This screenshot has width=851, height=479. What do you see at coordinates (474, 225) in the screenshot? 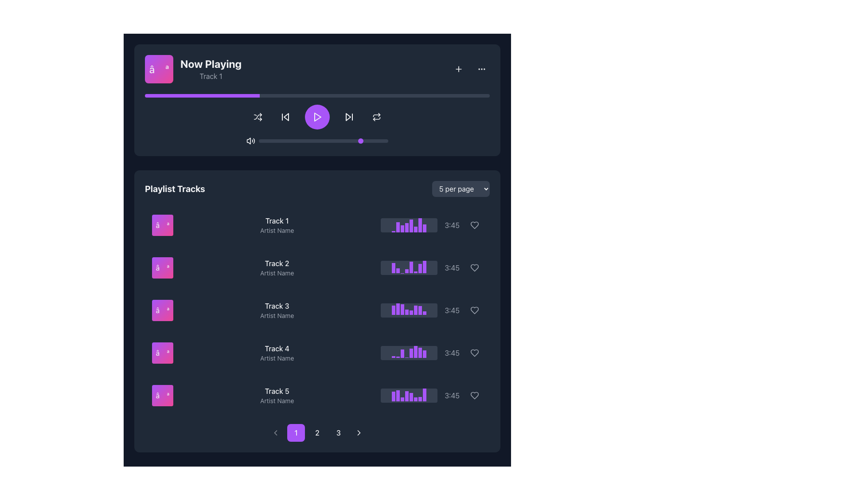
I see `the favorite indicator button located in the lower right segment of the first track item in the Playlist Tracks section` at bounding box center [474, 225].